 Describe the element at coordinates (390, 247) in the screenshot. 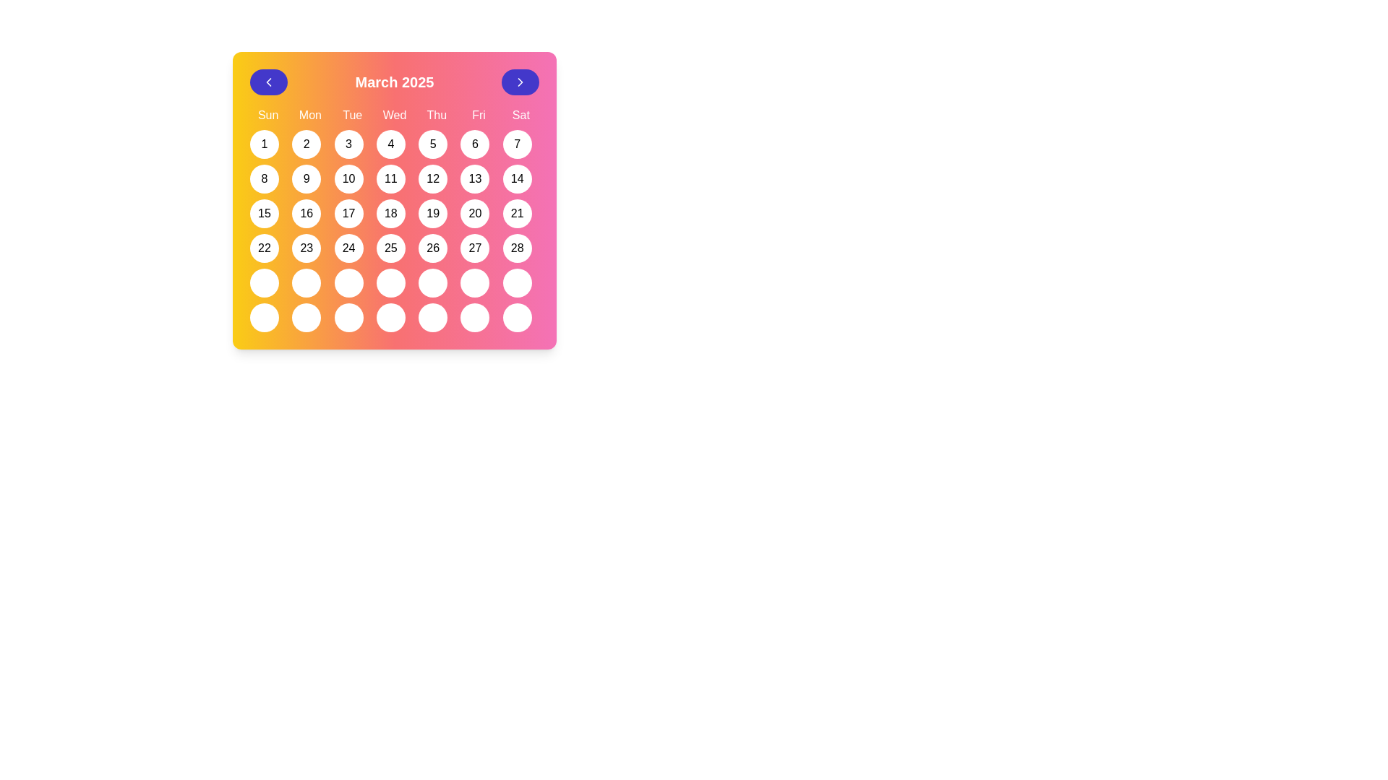

I see `the date selection button located in the sixth column of the fourth row of the calendar grid` at that location.